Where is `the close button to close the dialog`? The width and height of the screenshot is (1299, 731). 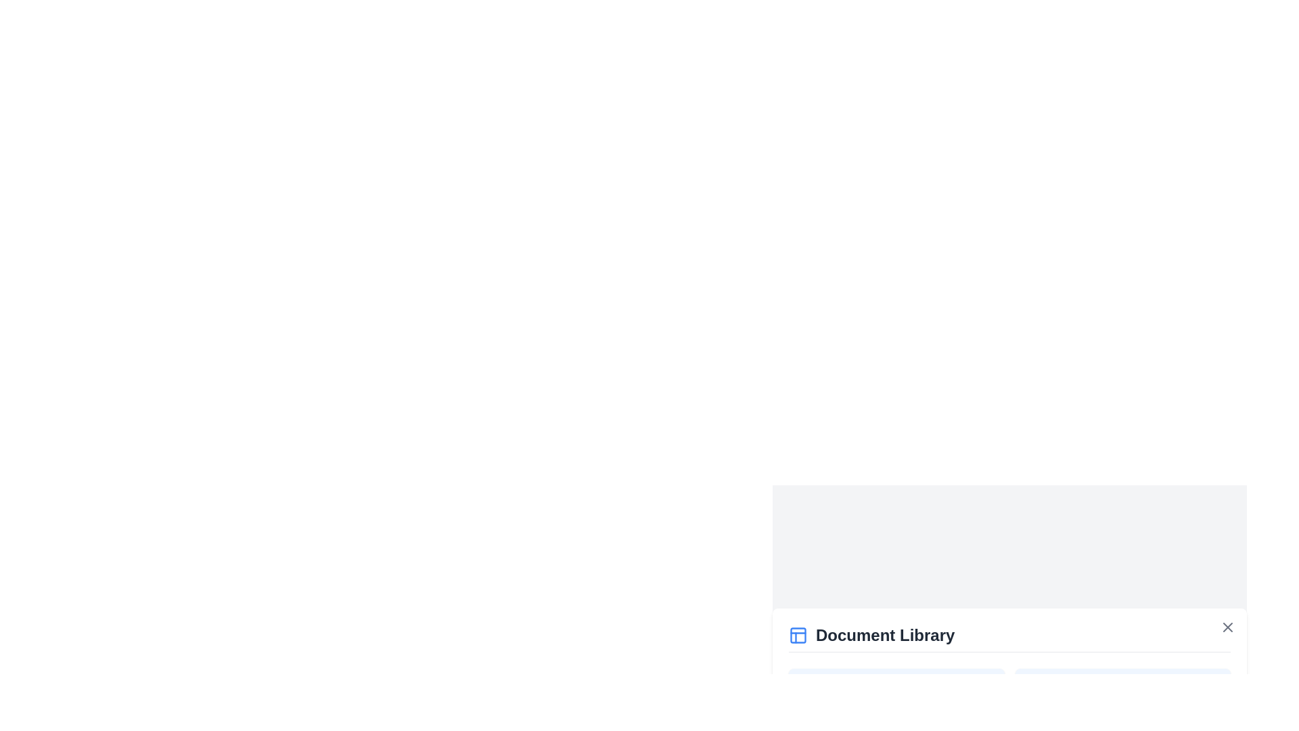
the close button to close the dialog is located at coordinates (1227, 627).